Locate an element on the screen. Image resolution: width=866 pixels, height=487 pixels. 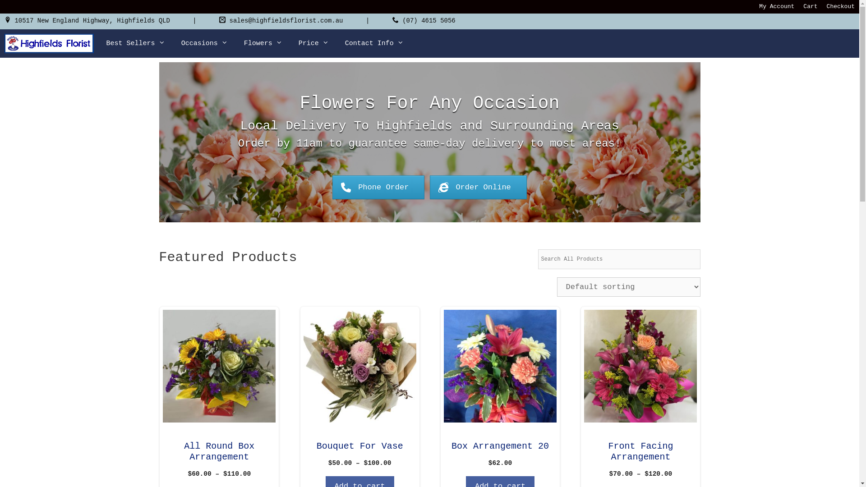
'Contact Info' is located at coordinates (374, 43).